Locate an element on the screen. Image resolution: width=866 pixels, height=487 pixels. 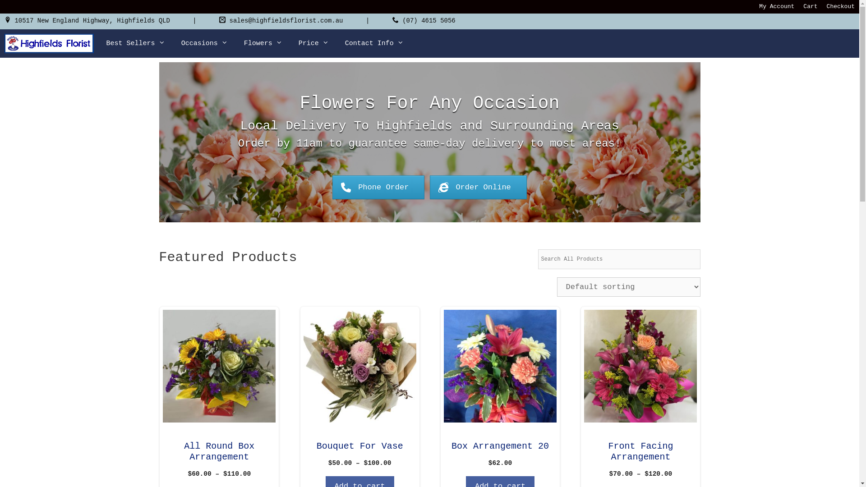
'Contact Info' is located at coordinates (374, 43).